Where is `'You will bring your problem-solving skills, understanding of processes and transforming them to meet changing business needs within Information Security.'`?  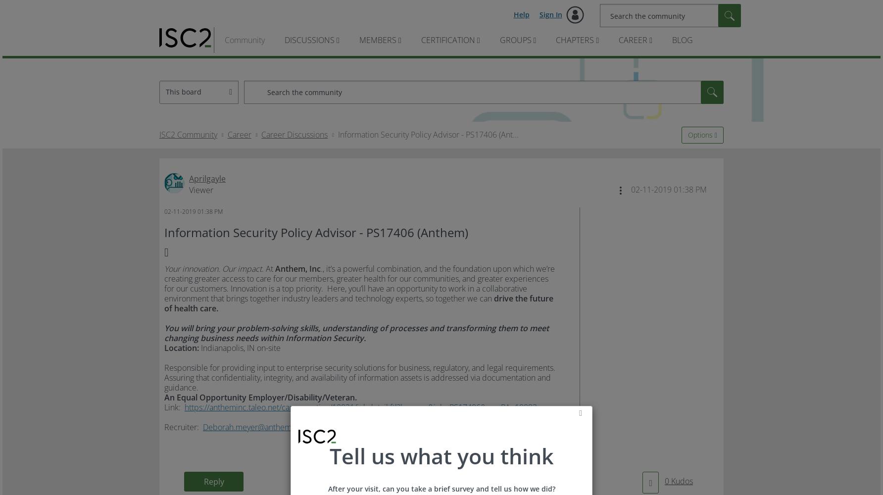
'You will bring your problem-solving skills, understanding of processes and transforming them to meet changing business needs within Information Security.' is located at coordinates (164, 333).